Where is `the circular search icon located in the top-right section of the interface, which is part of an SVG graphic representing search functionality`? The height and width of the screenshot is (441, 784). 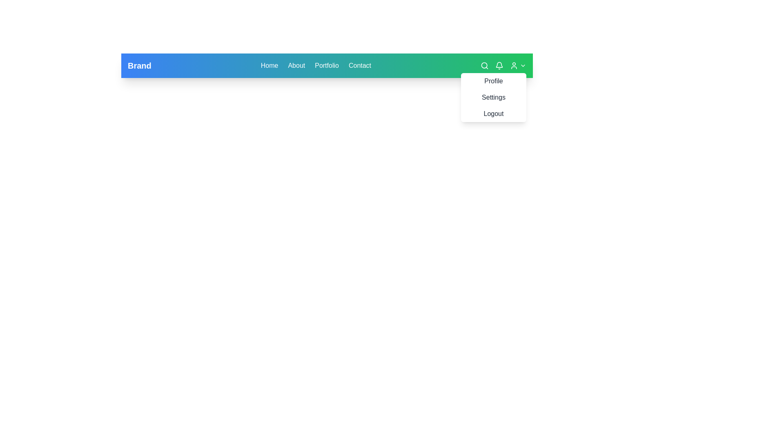 the circular search icon located in the top-right section of the interface, which is part of an SVG graphic representing search functionality is located at coordinates (484, 65).